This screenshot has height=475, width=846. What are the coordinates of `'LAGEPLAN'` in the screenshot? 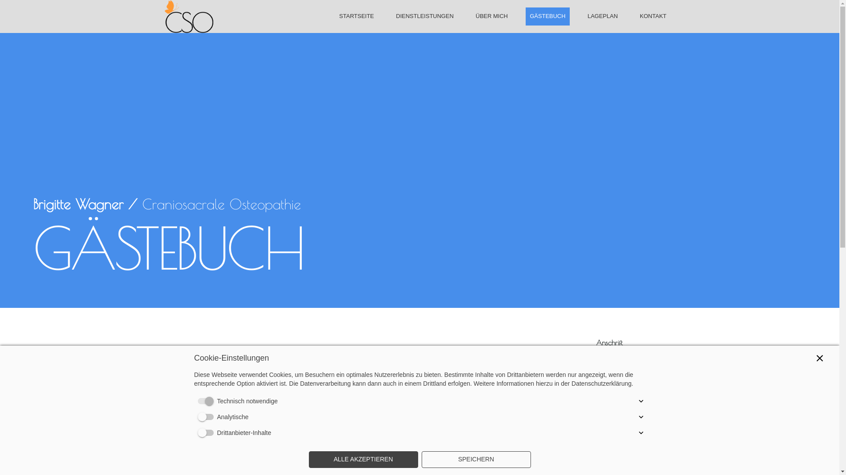 It's located at (602, 16).